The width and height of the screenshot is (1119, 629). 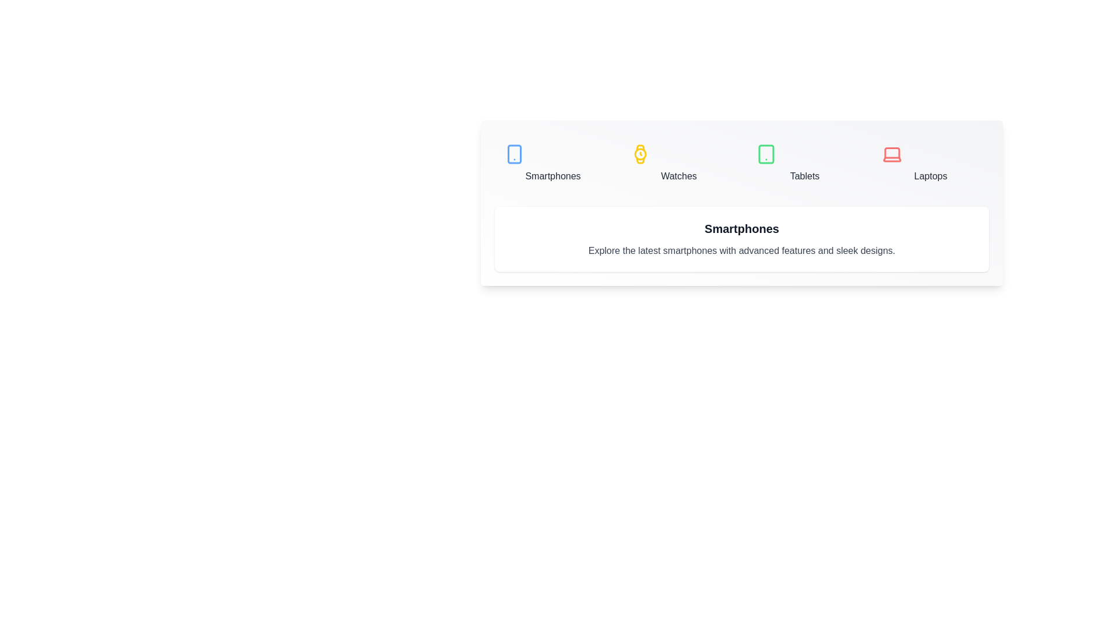 I want to click on the Watches tab to view its details, so click(x=679, y=164).